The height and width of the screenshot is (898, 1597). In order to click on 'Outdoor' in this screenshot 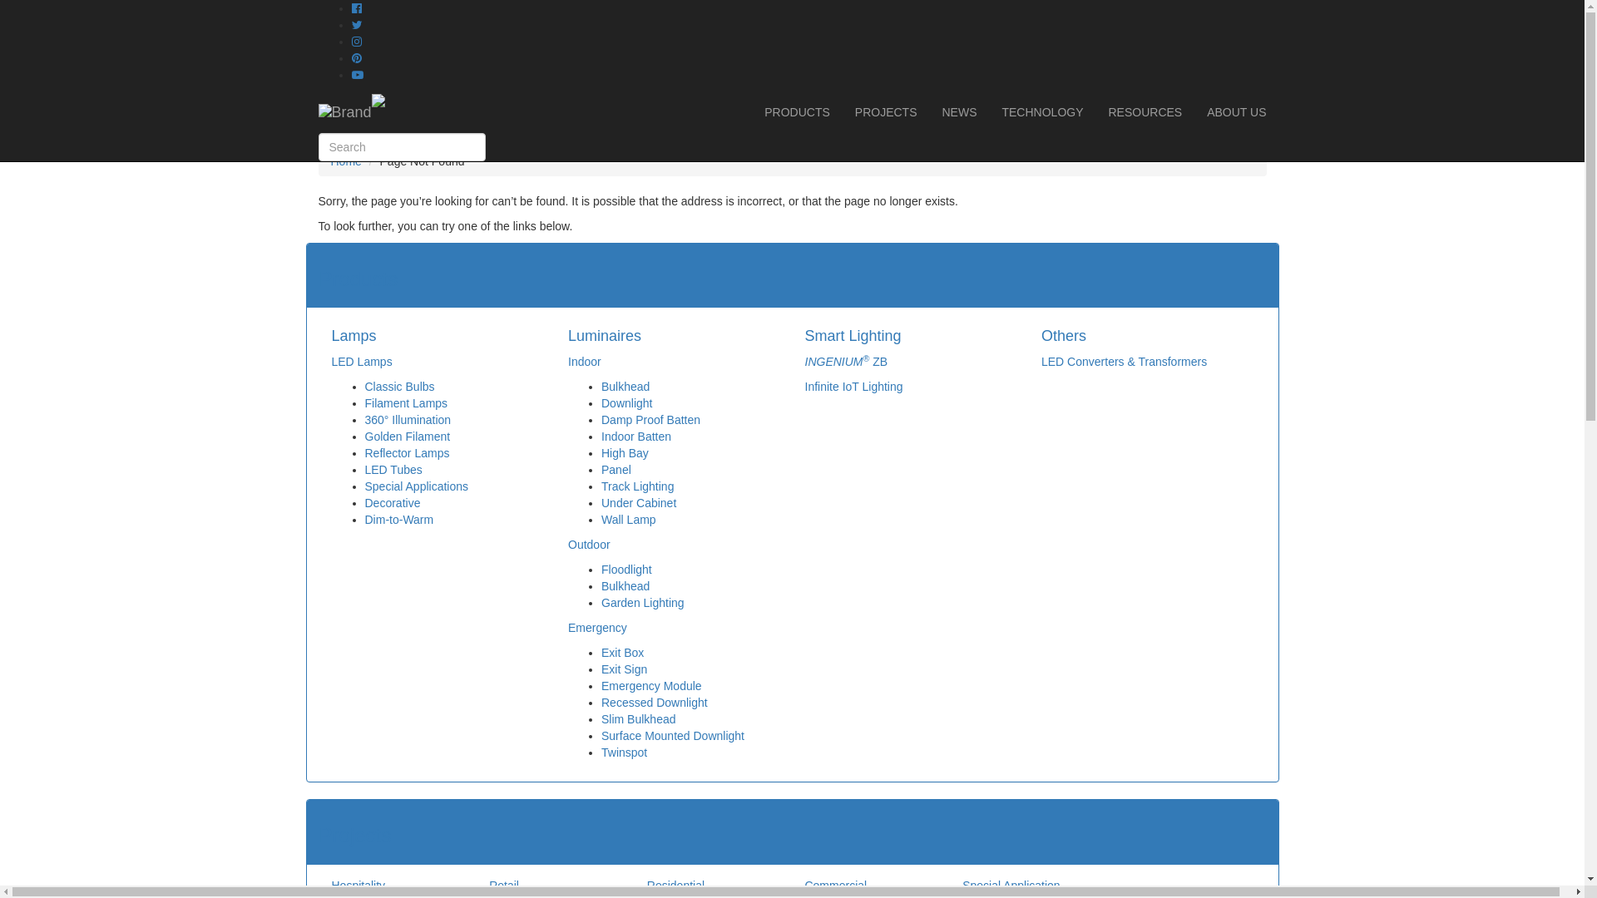, I will do `click(589, 545)`.